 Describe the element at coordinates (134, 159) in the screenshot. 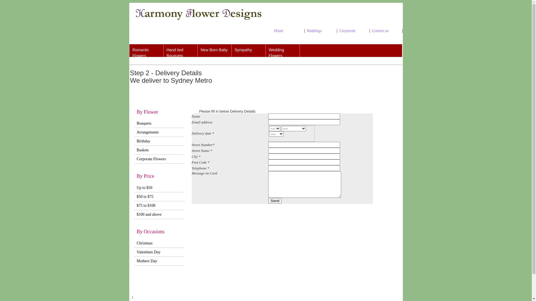

I see `'Corporate Flowers'` at that location.